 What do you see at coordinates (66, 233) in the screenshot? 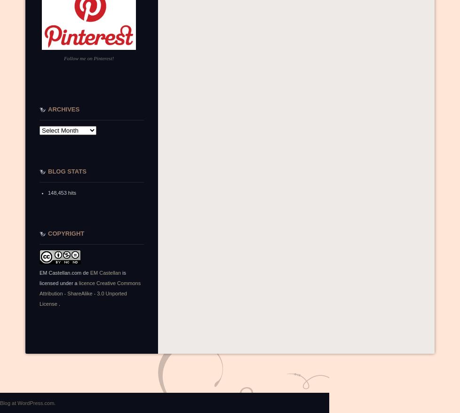
I see `'Copyright'` at bounding box center [66, 233].